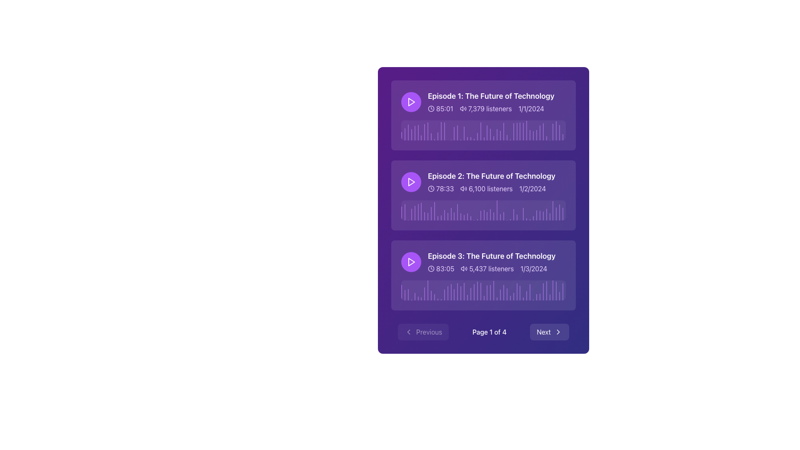  What do you see at coordinates (405, 212) in the screenshot?
I see `the purple progress indicator located under the second podcast episode titled 'Episode 2: The Future of Technology', which is a vertical line segment narrower than the waveform bars` at bounding box center [405, 212].